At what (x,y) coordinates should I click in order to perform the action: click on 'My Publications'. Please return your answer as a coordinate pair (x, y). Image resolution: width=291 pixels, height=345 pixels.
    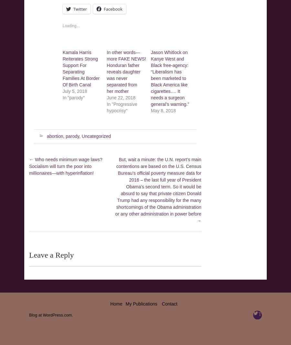
    Looking at the image, I should click on (141, 303).